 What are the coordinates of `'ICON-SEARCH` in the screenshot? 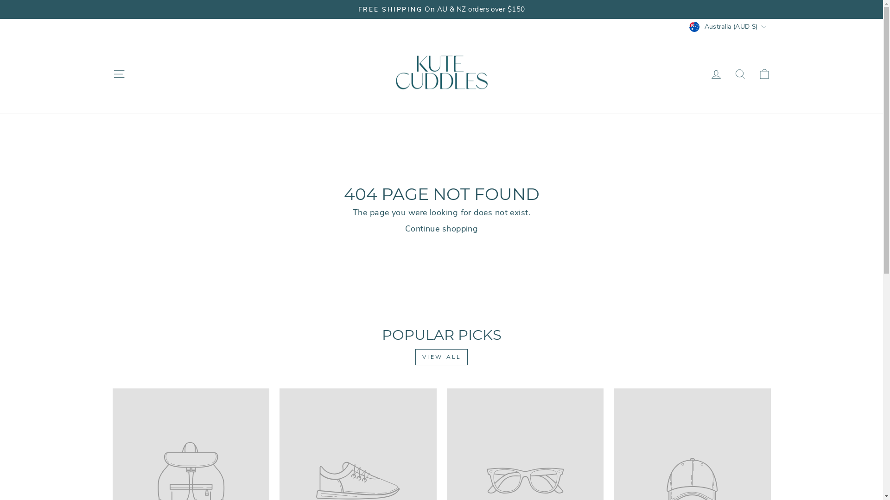 It's located at (739, 73).